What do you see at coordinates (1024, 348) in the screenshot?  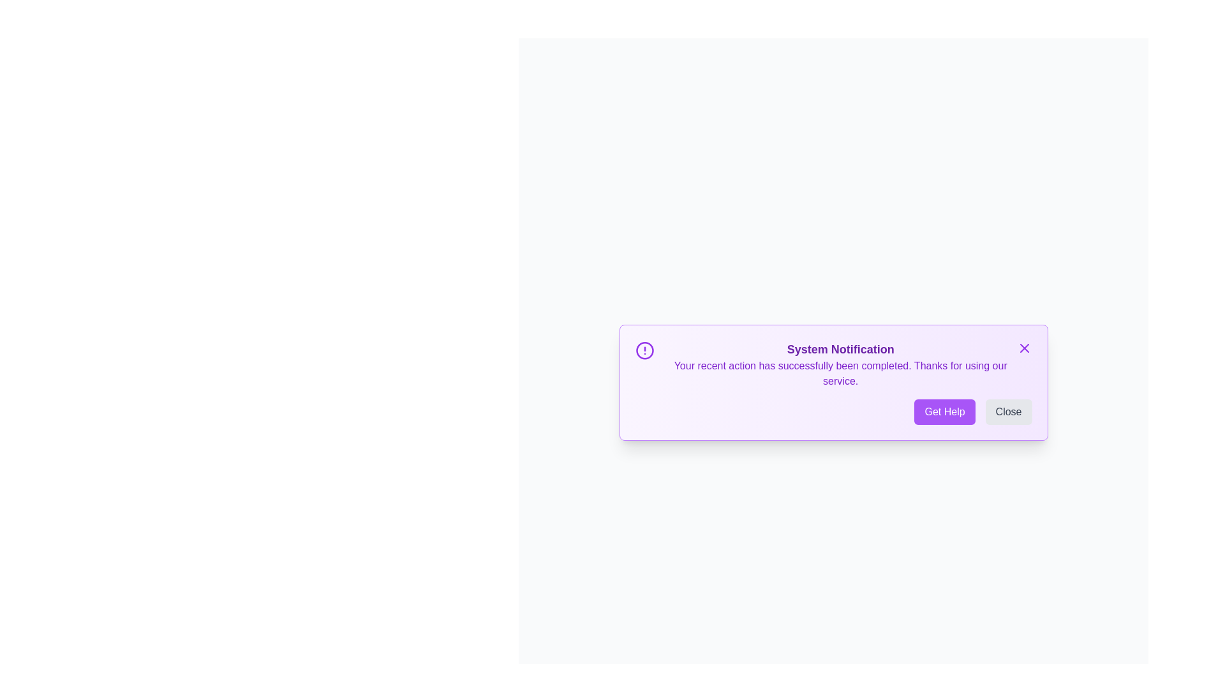 I see `the Close Button (Icon) located at the top-right corner of the notification or modal dialog box` at bounding box center [1024, 348].